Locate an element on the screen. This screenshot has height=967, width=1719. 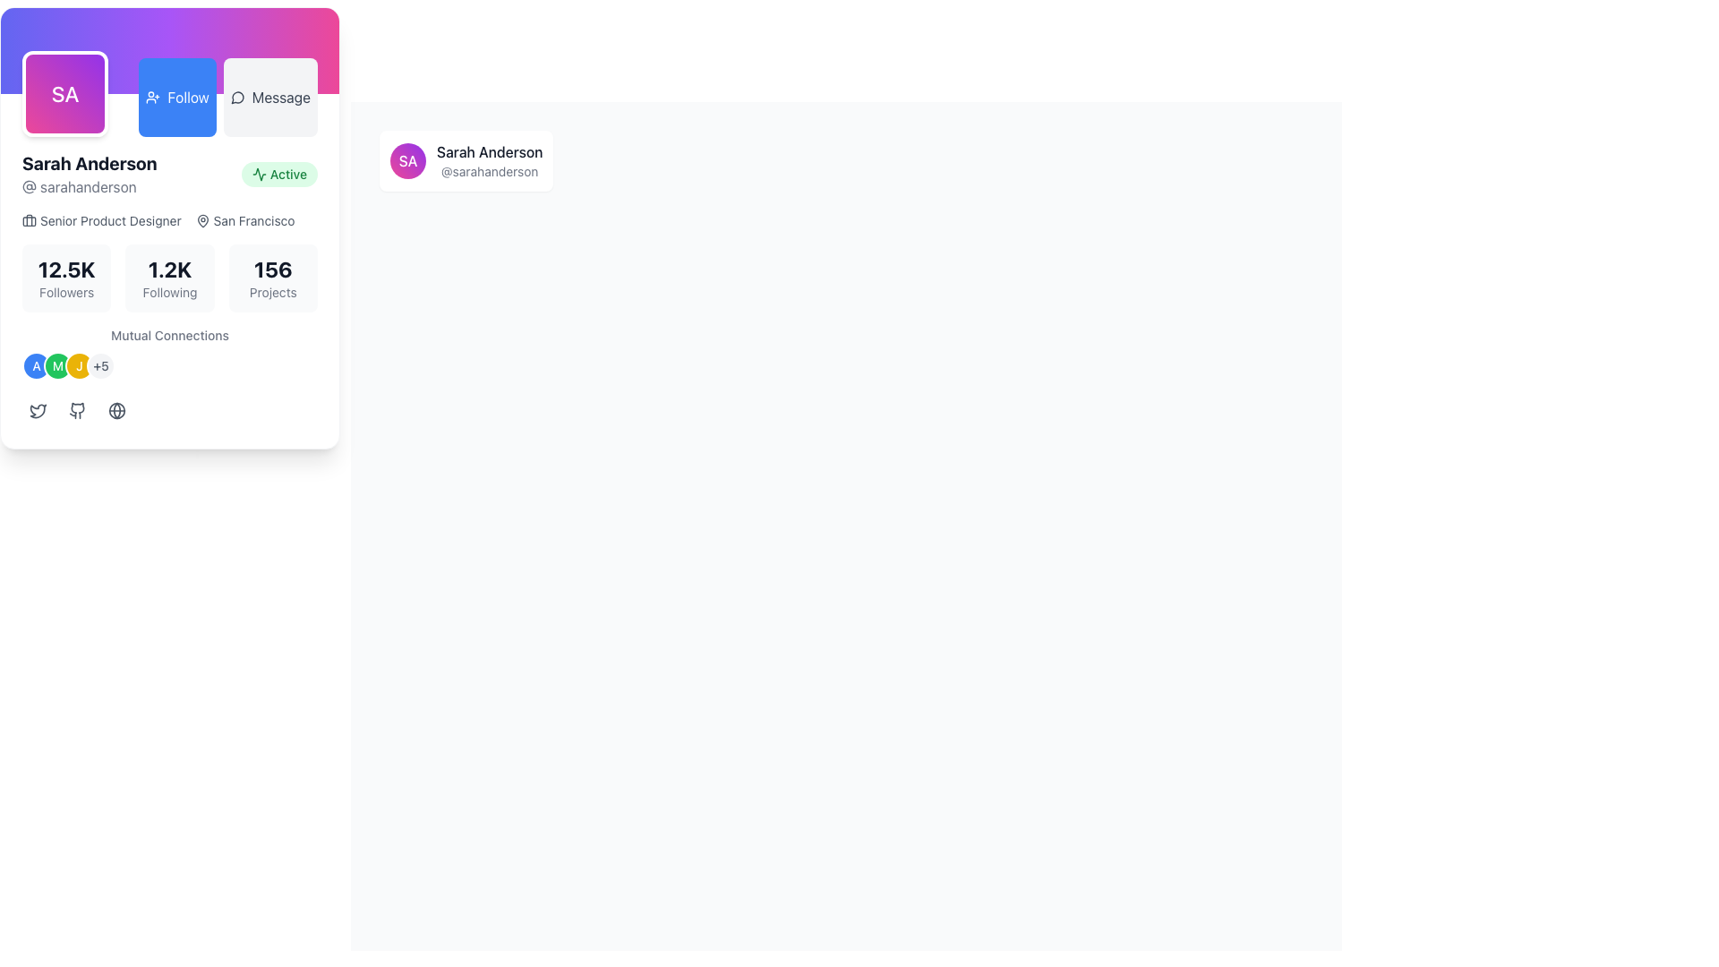
the Text Label displaying 'Sarah Anderson', which is a prominent name header in a user profile card layout, located beneath the circular avatar labeled 'SA' is located at coordinates (89, 163).